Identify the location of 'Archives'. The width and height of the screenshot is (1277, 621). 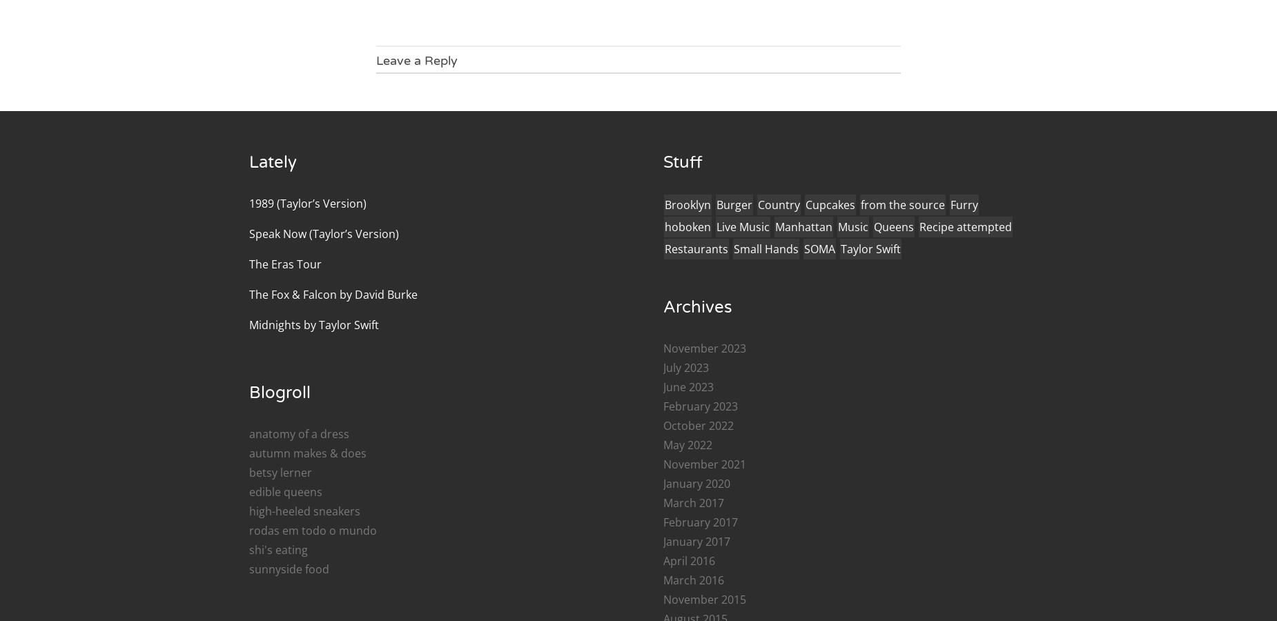
(697, 306).